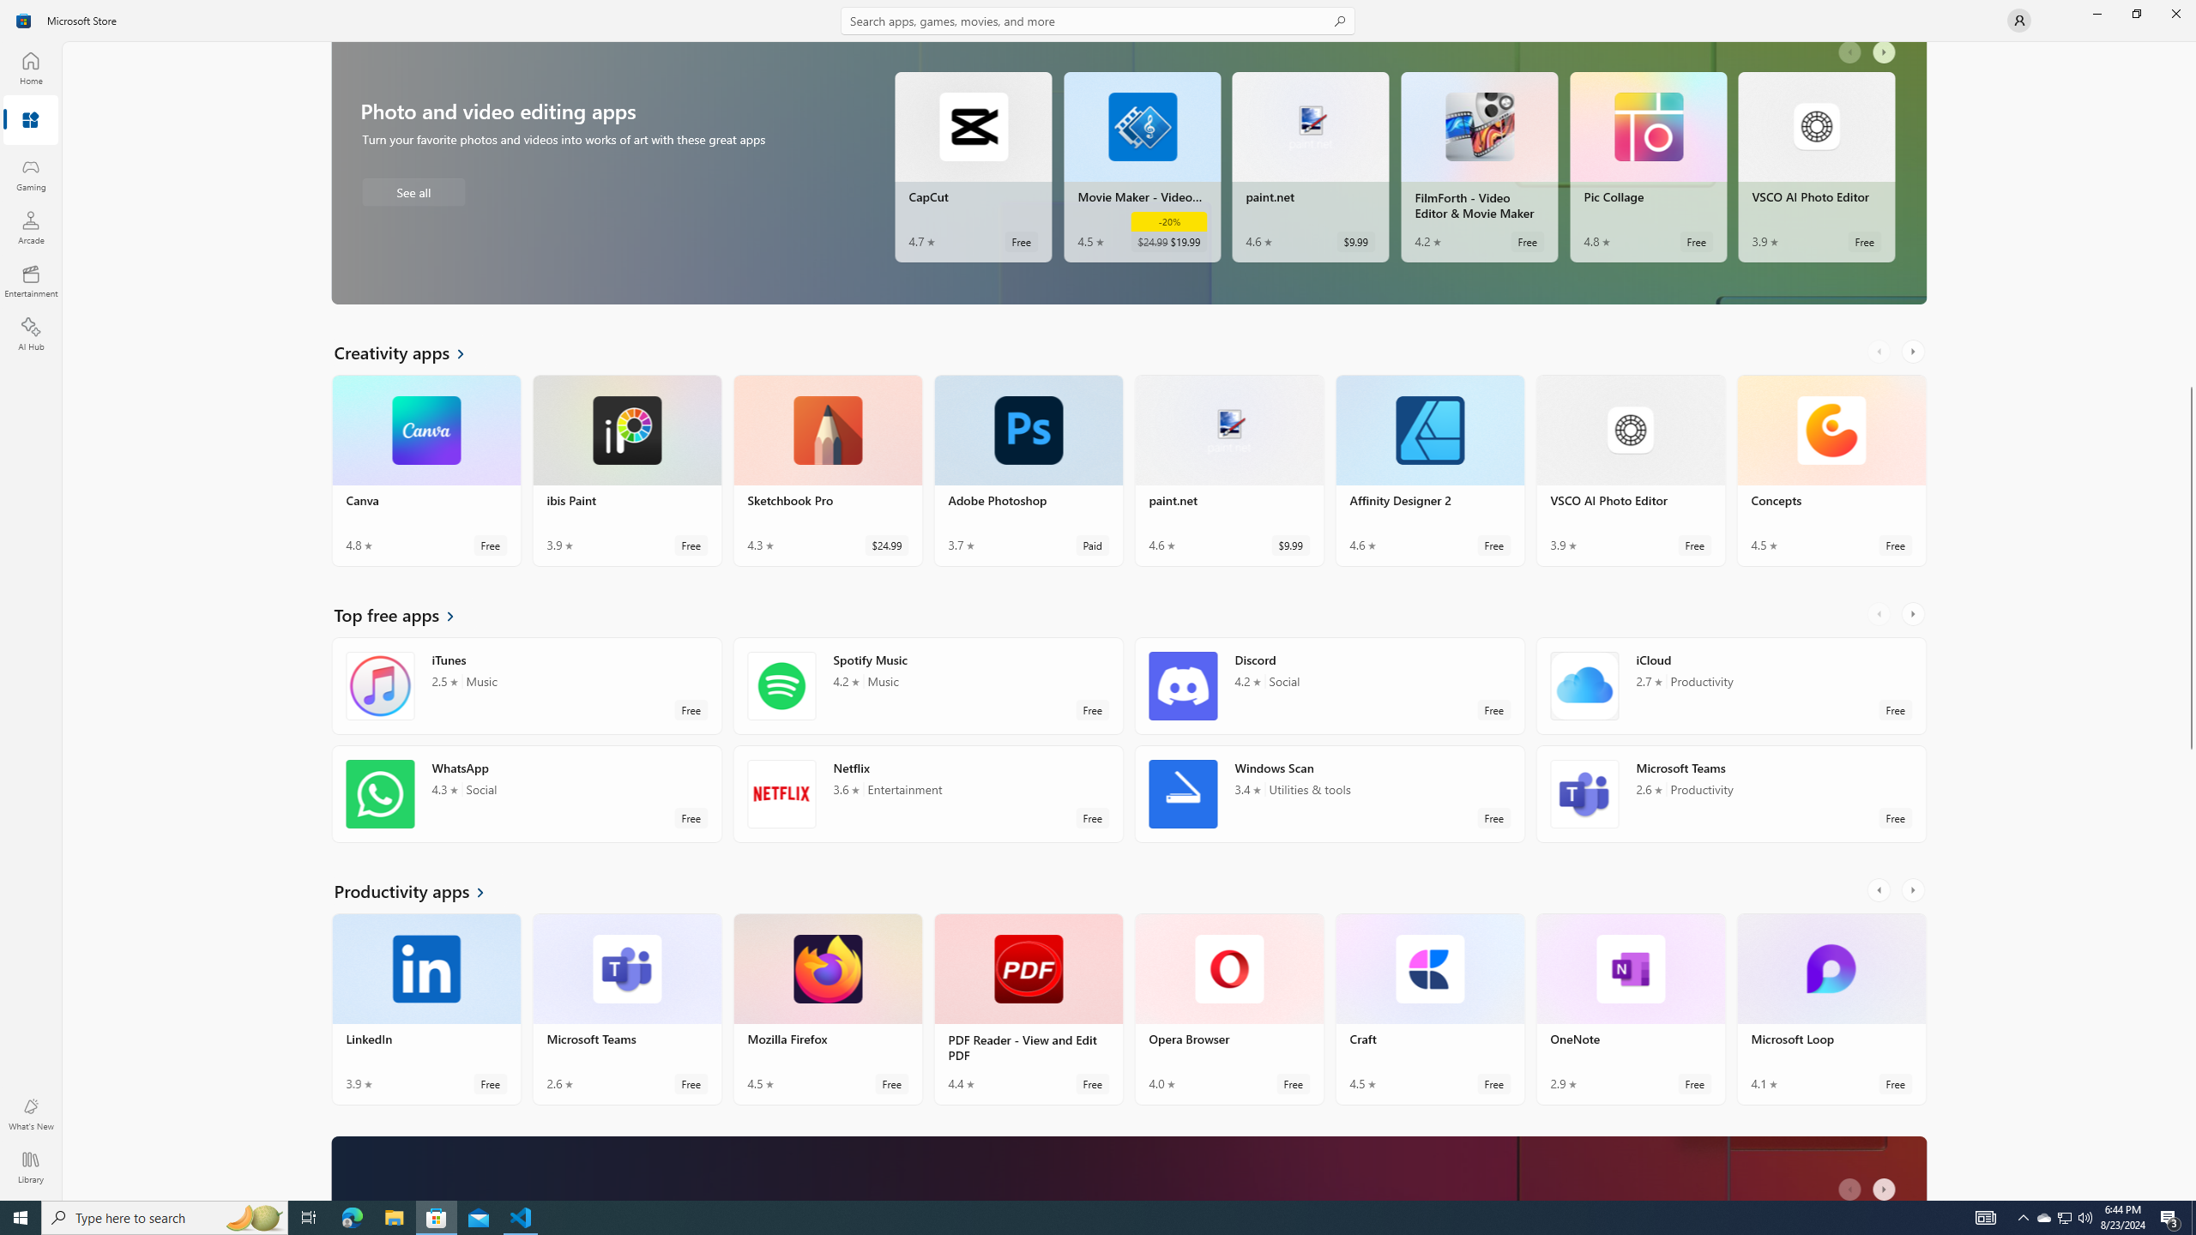 The width and height of the screenshot is (2196, 1235). I want to click on 'Canva. Average rating of 4.8 out of five stars. Free  ', so click(426, 469).